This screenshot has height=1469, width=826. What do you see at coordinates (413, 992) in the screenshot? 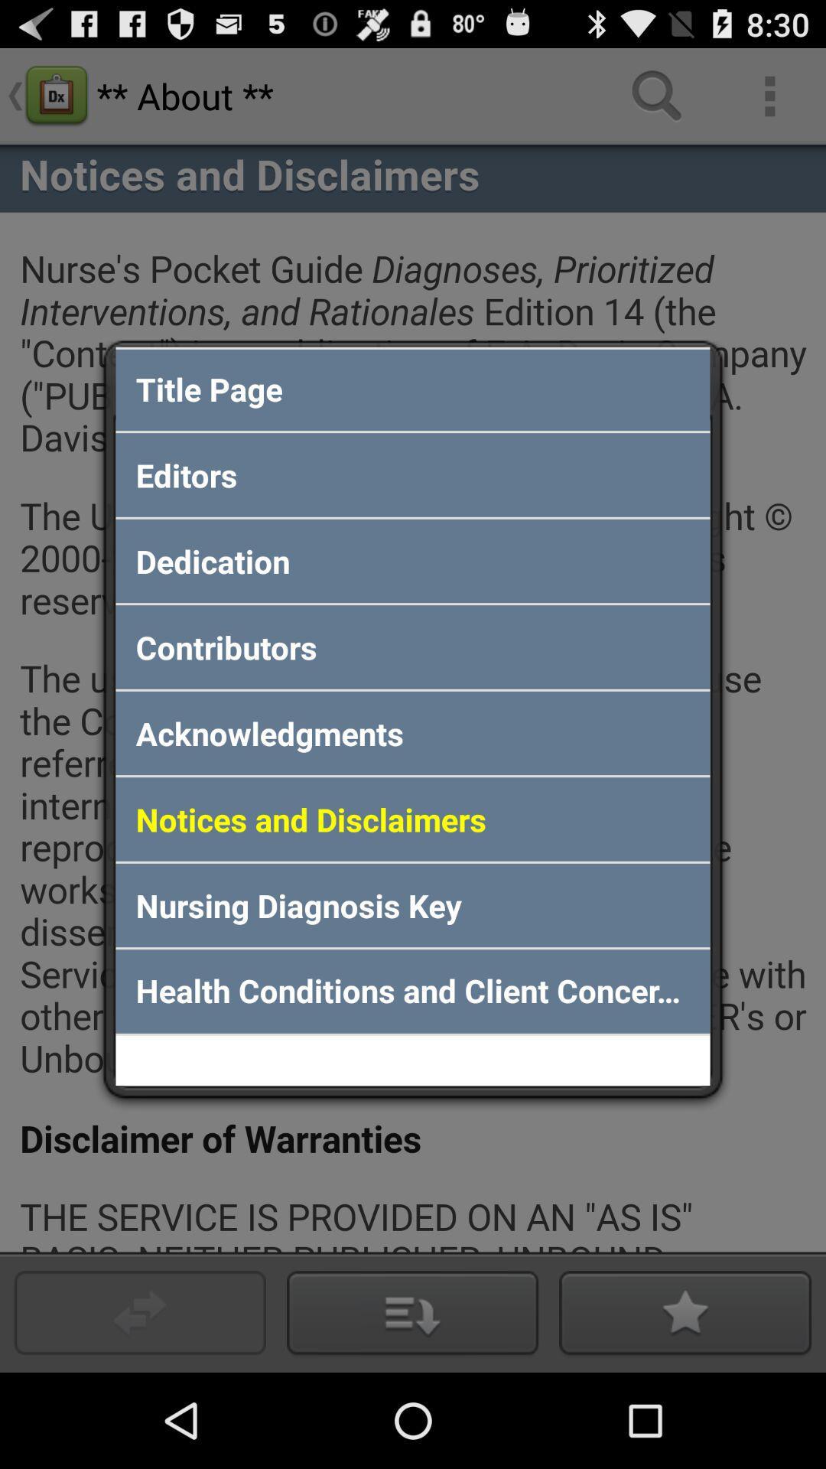
I see `the health conditions and` at bounding box center [413, 992].